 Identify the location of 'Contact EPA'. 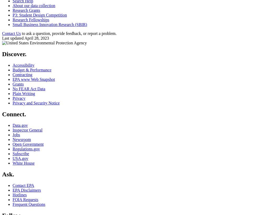
(23, 185).